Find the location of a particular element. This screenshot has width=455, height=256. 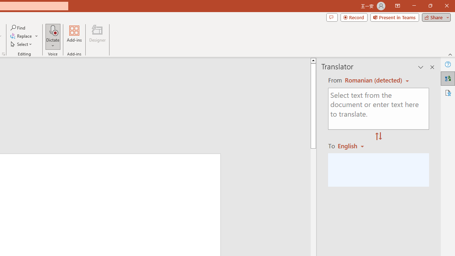

'Restore Down' is located at coordinates (430, 6).